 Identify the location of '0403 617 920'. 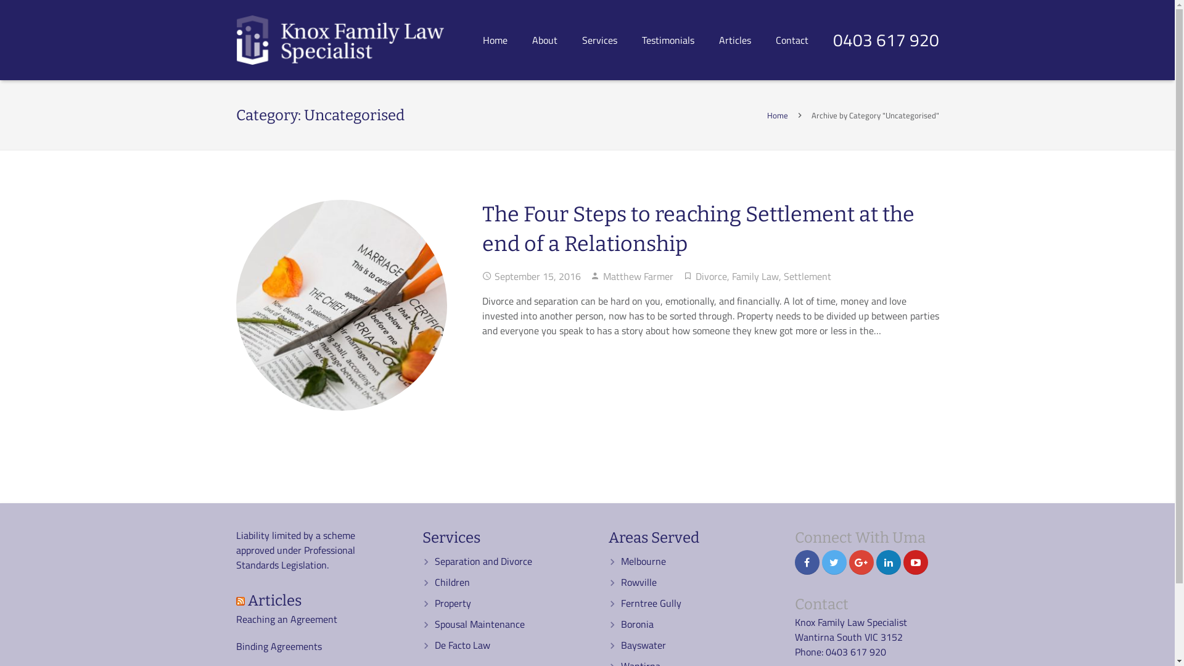
(885, 39).